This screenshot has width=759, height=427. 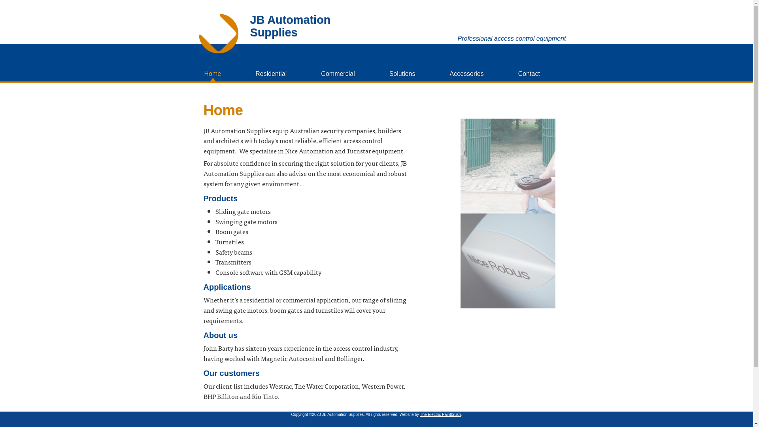 What do you see at coordinates (529, 74) in the screenshot?
I see `'Contact'` at bounding box center [529, 74].